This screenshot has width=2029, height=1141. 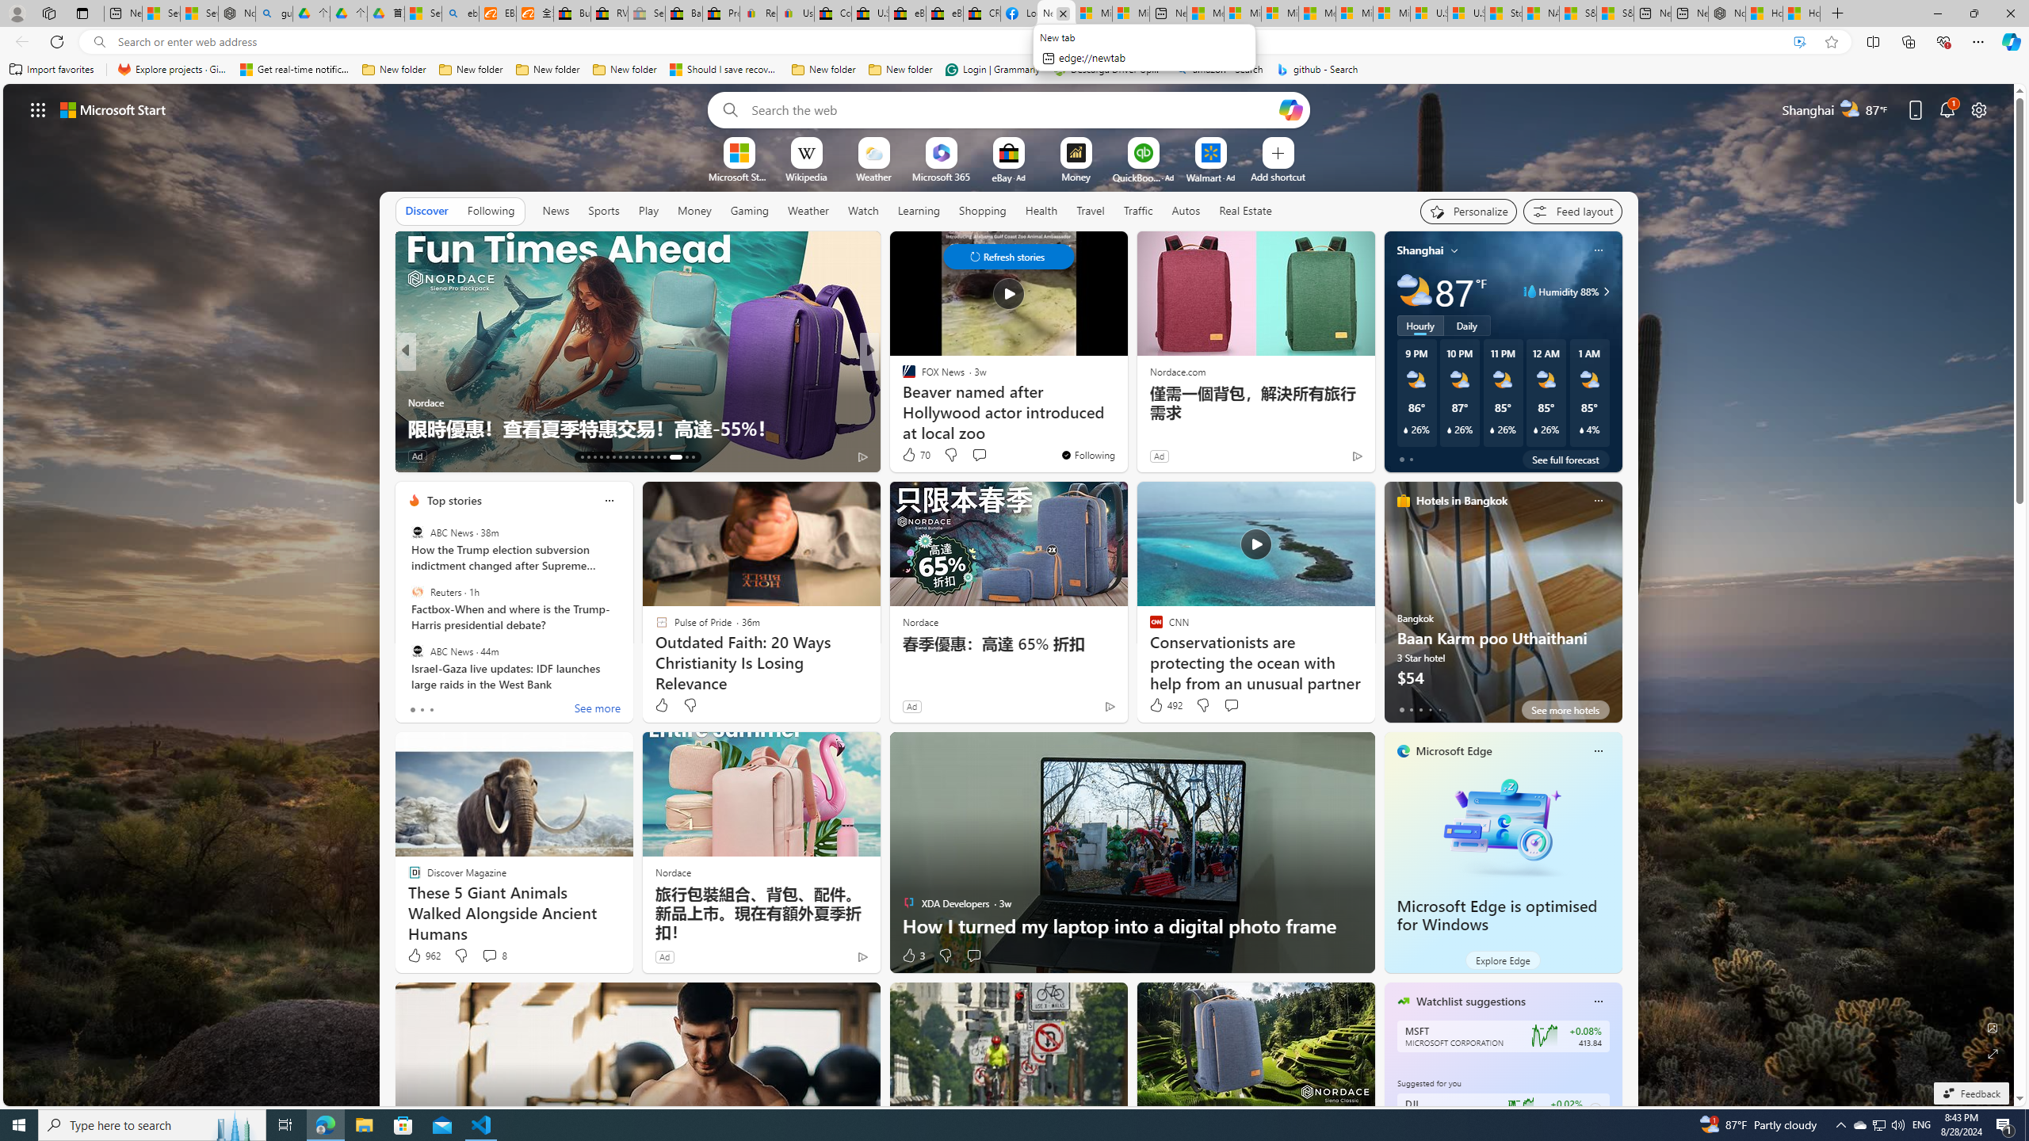 I want to click on 'Login | Grammarly', so click(x=992, y=69).